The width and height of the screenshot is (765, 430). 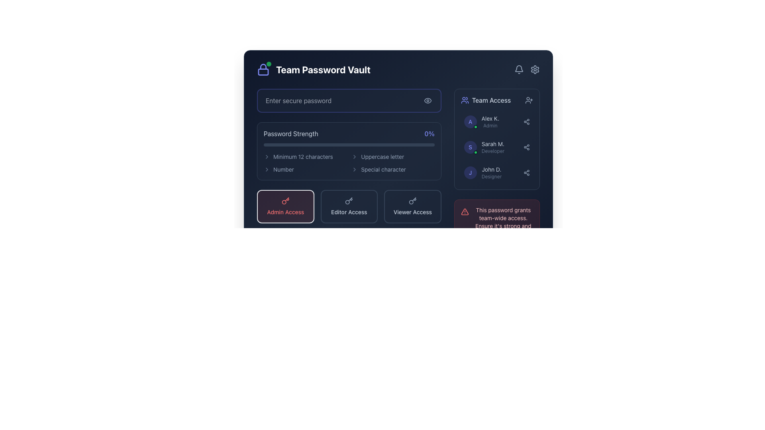 What do you see at coordinates (263, 66) in the screenshot?
I see `the upper part of the lock icon, which symbolizes security, located to the left of the 'Team Password Vault' header` at bounding box center [263, 66].